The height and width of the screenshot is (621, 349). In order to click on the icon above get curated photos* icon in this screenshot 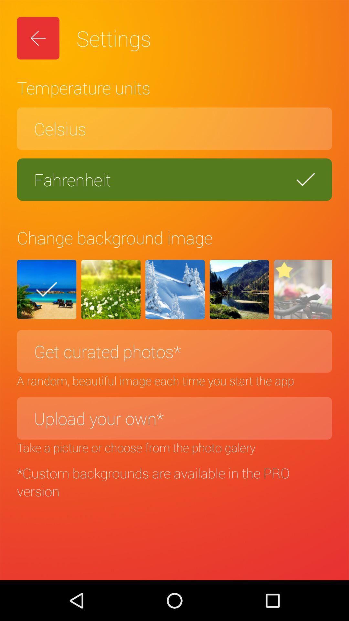, I will do `click(303, 289)`.